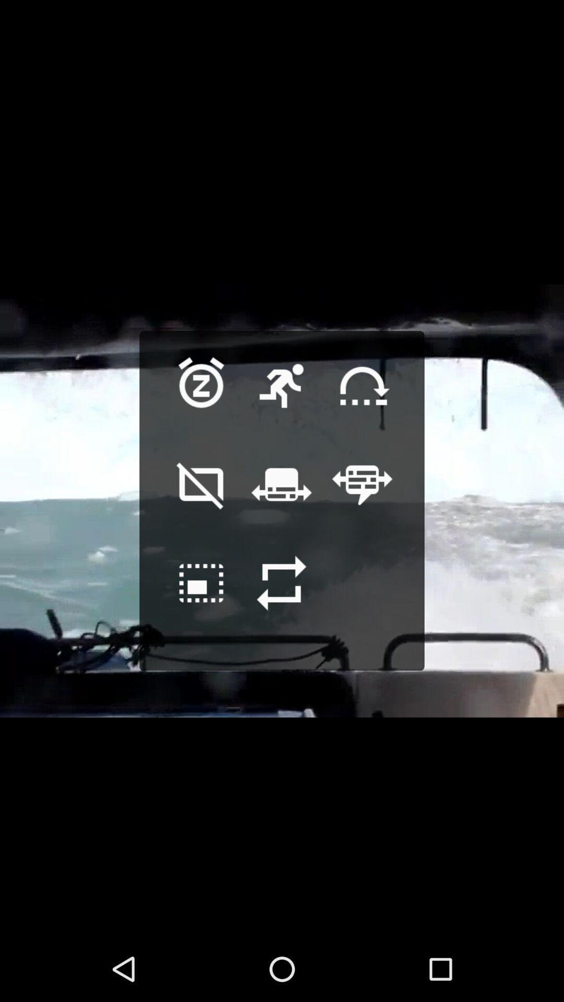 Image resolution: width=564 pixels, height=1002 pixels. I want to click on synchronize, so click(201, 599).